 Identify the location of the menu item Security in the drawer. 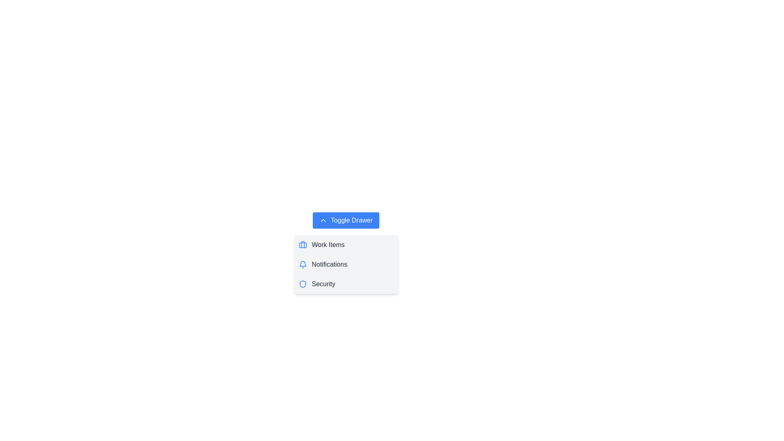
(346, 283).